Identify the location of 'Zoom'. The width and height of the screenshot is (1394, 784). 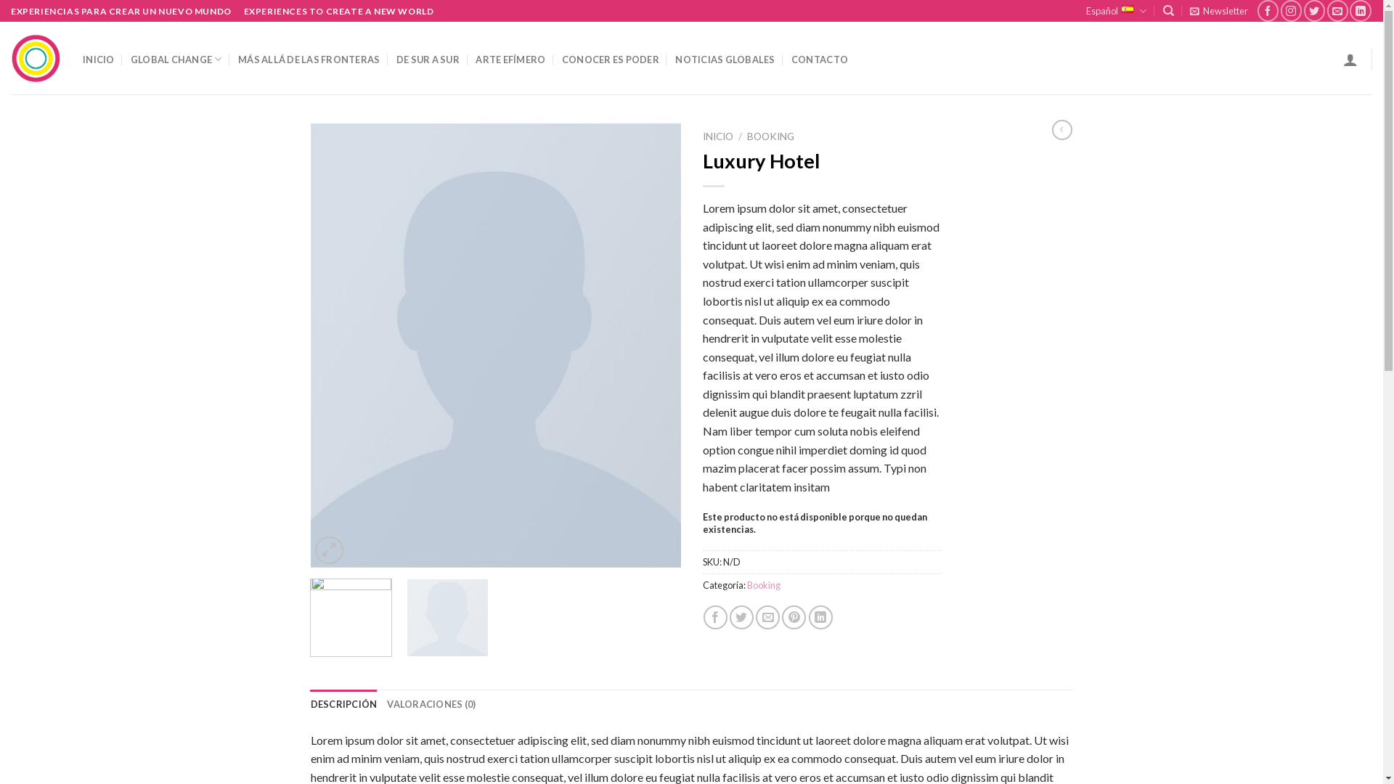
(328, 550).